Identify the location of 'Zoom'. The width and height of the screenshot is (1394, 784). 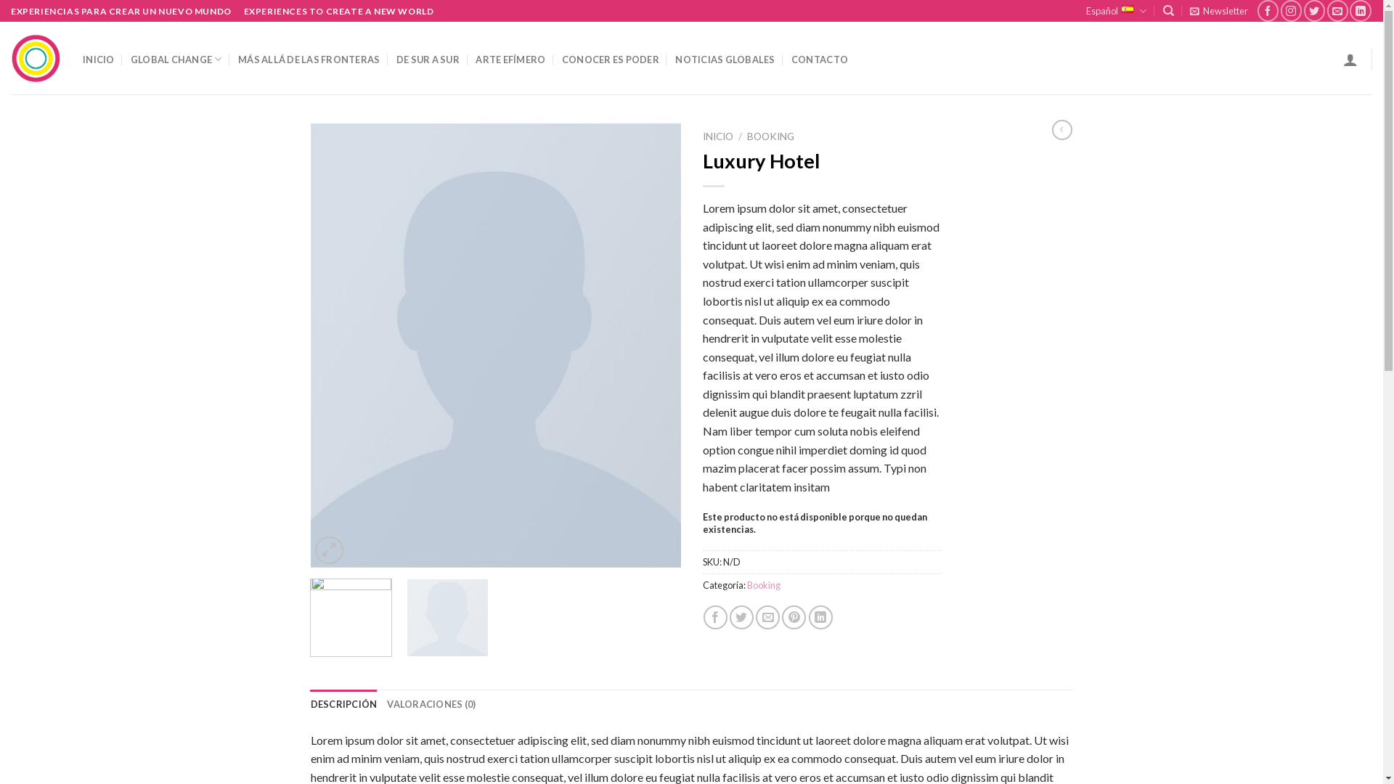
(328, 550).